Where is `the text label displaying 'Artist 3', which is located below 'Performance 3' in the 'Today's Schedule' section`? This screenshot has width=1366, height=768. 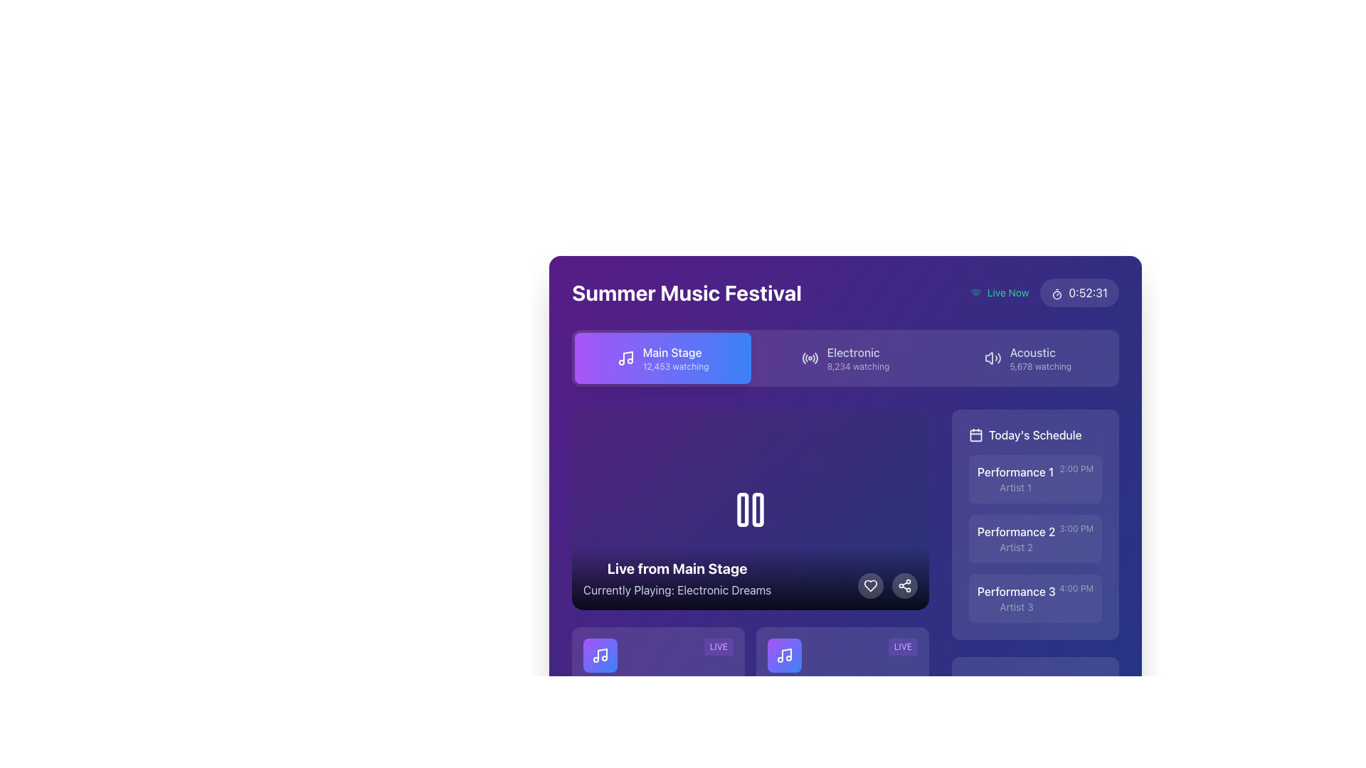 the text label displaying 'Artist 3', which is located below 'Performance 3' in the 'Today's Schedule' section is located at coordinates (1015, 607).